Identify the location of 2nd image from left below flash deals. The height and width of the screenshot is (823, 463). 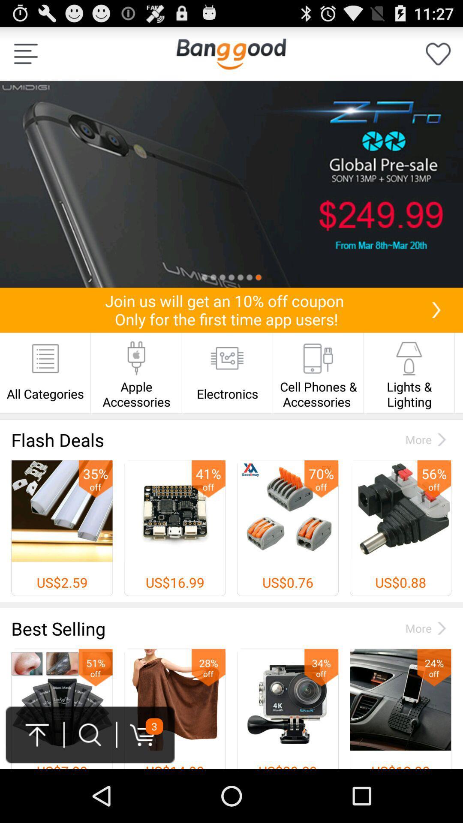
(174, 528).